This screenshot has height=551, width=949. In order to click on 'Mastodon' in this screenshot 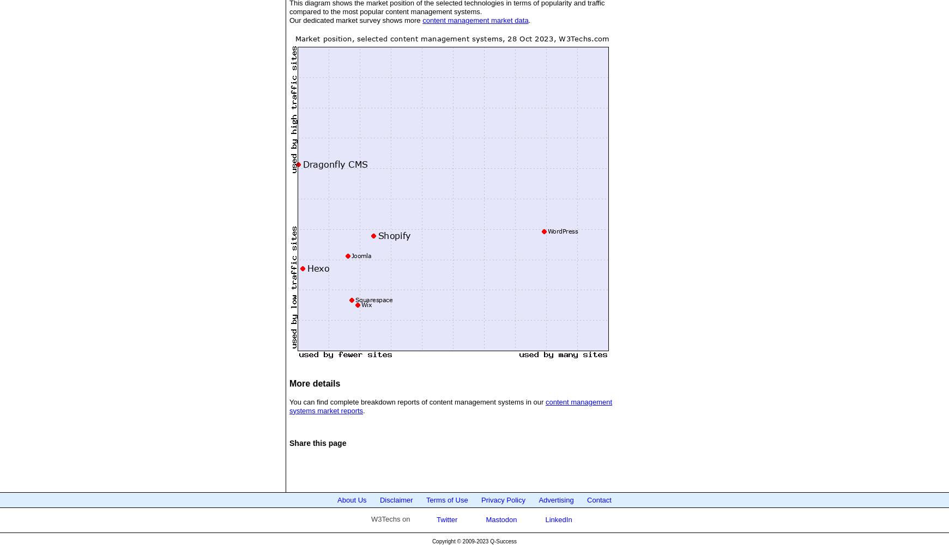, I will do `click(500, 519)`.